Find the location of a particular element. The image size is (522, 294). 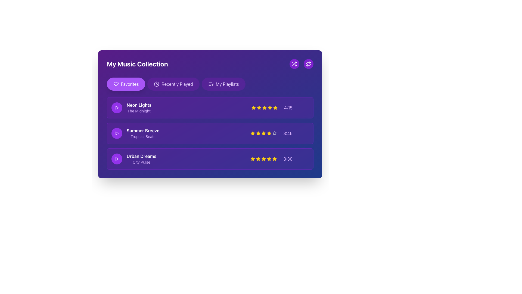

the circular purple button containing the triangular play icon located in the second row of the music collection list titled 'Summer Breeze' to trigger a visual effect is located at coordinates (117, 133).